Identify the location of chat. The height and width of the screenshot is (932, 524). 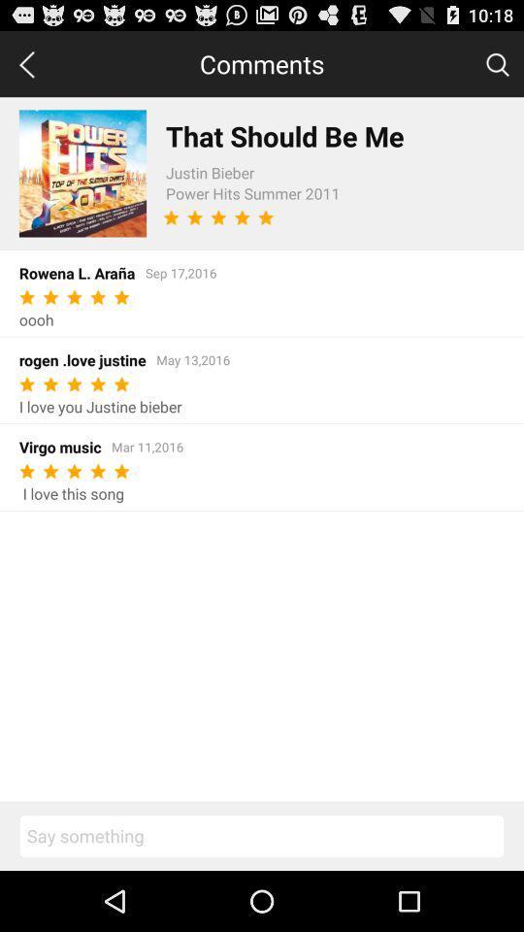
(262, 835).